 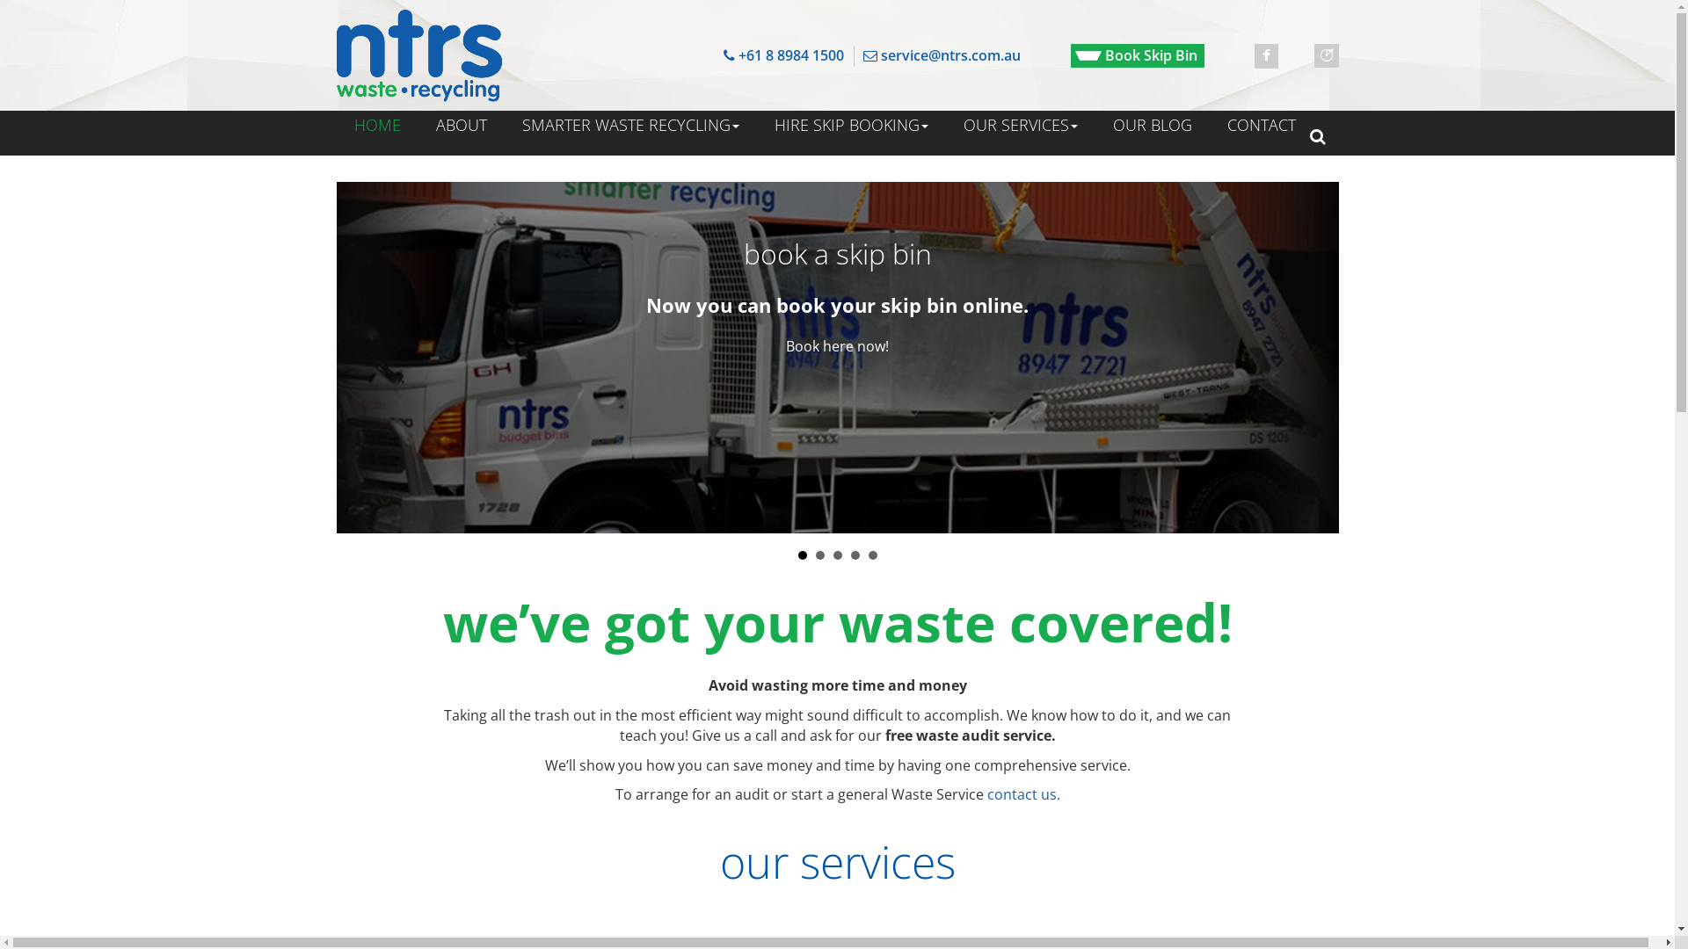 I want to click on '2', so click(x=819, y=555).